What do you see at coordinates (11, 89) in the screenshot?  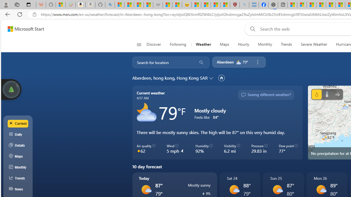 I see `'Join us in planting real trees to help our planet!'` at bounding box center [11, 89].